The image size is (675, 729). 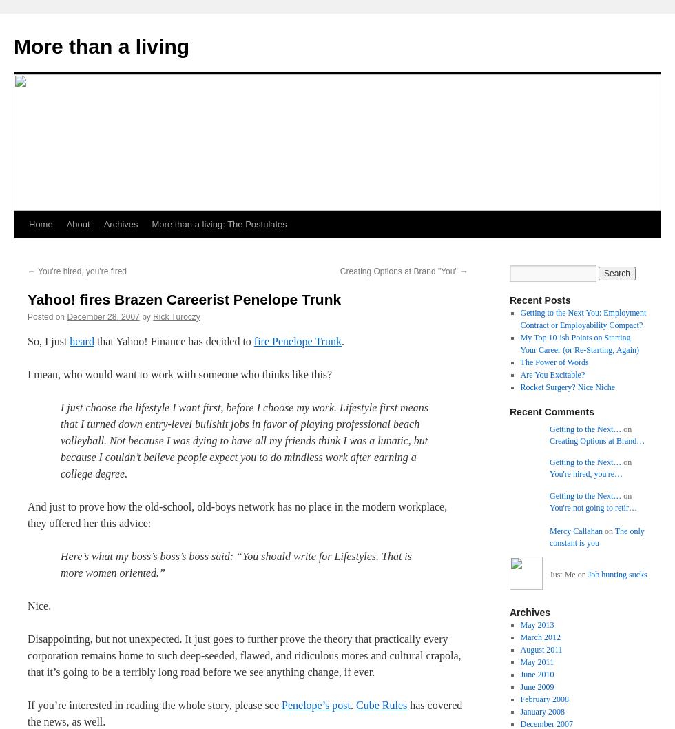 I want to click on 'Cube Rules', so click(x=381, y=704).